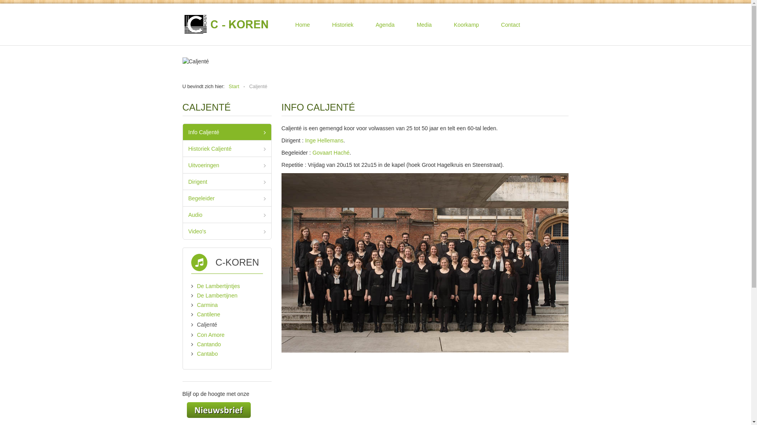 The height and width of the screenshot is (425, 757). Describe the element at coordinates (385, 24) in the screenshot. I see `'Agenda'` at that location.